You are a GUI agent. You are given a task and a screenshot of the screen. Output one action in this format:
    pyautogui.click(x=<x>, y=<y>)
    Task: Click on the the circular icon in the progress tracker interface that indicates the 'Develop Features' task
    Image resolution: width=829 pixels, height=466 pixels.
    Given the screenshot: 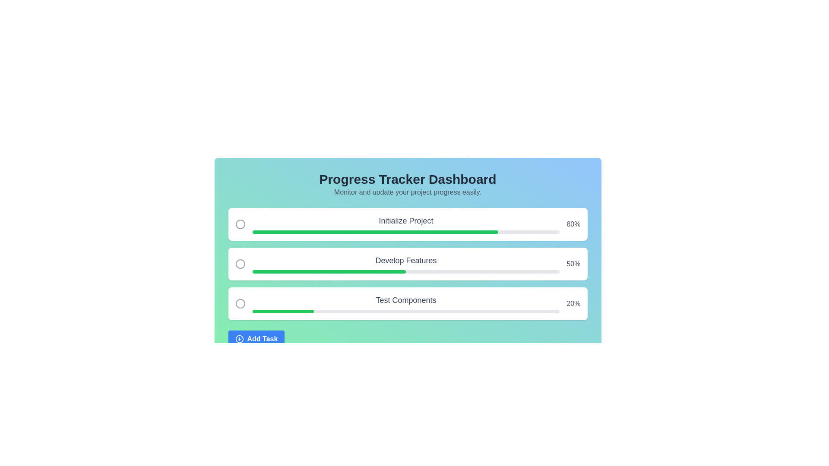 What is the action you would take?
    pyautogui.click(x=240, y=264)
    